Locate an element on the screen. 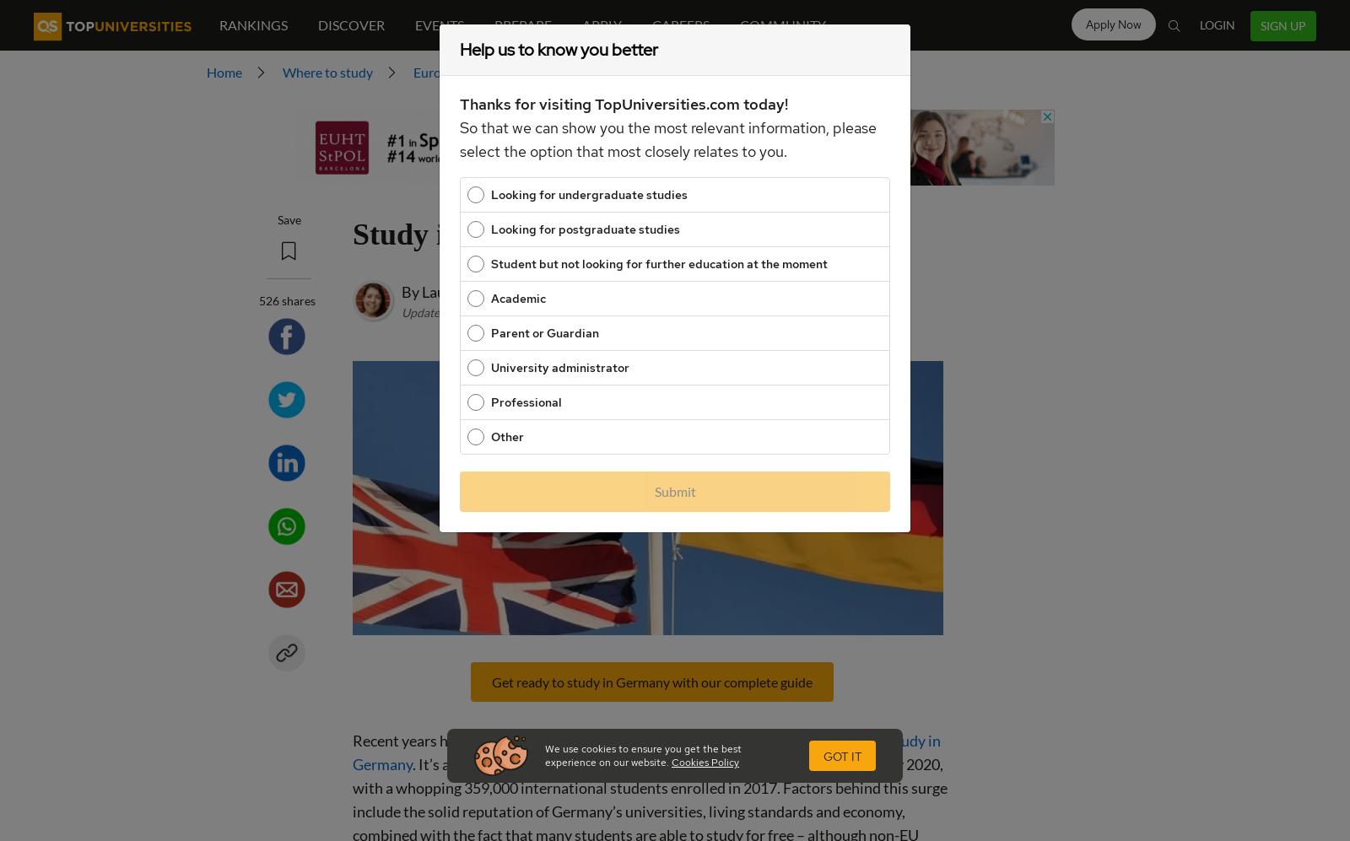 The width and height of the screenshot is (1350, 841). 'Save' is located at coordinates (288, 218).